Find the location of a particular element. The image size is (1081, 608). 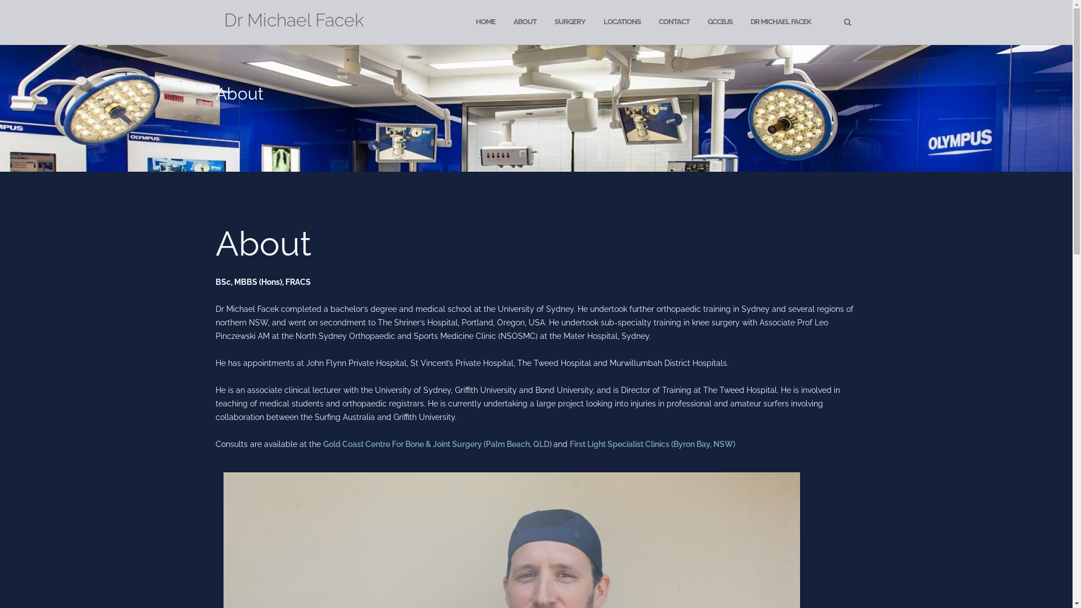

'GCCBJS' is located at coordinates (718, 22).